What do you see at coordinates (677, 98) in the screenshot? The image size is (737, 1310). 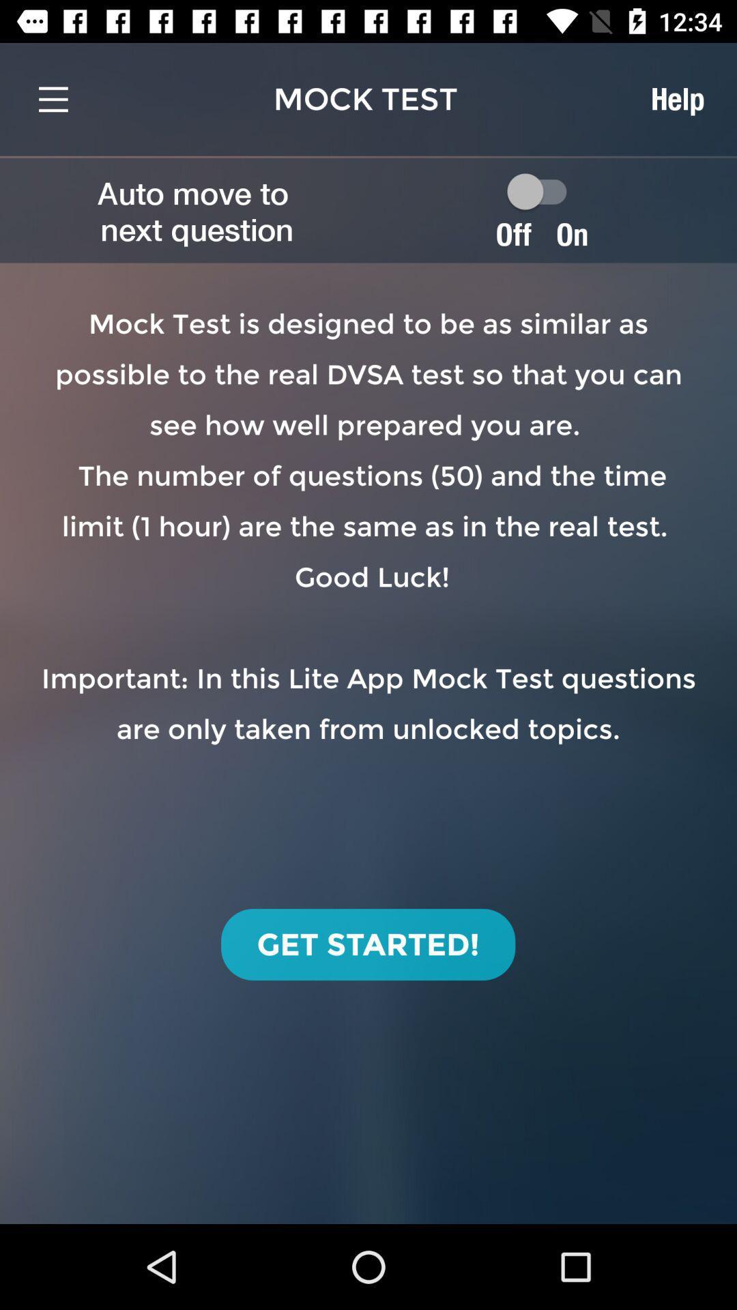 I see `help icon` at bounding box center [677, 98].